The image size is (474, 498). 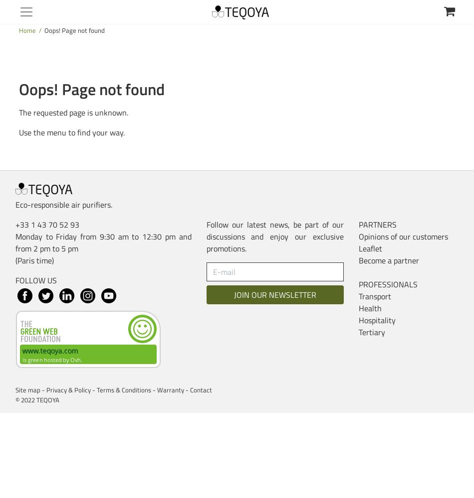 I want to click on 'Site map', so click(x=27, y=390).